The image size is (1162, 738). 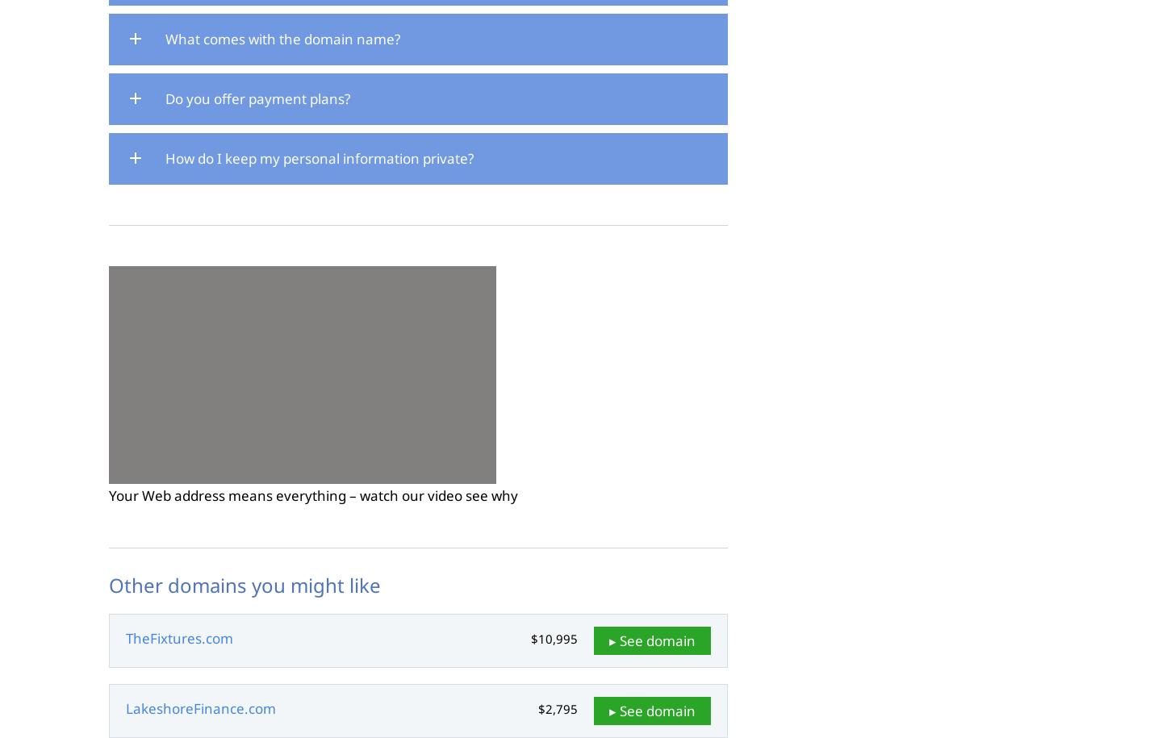 I want to click on 'How do I keep my personal information private?', so click(x=319, y=156).